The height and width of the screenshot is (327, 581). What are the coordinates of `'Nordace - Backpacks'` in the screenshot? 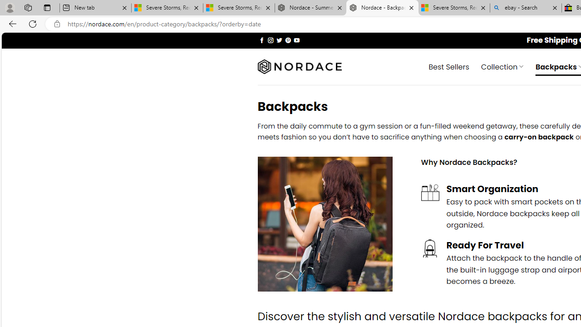 It's located at (382, 8).